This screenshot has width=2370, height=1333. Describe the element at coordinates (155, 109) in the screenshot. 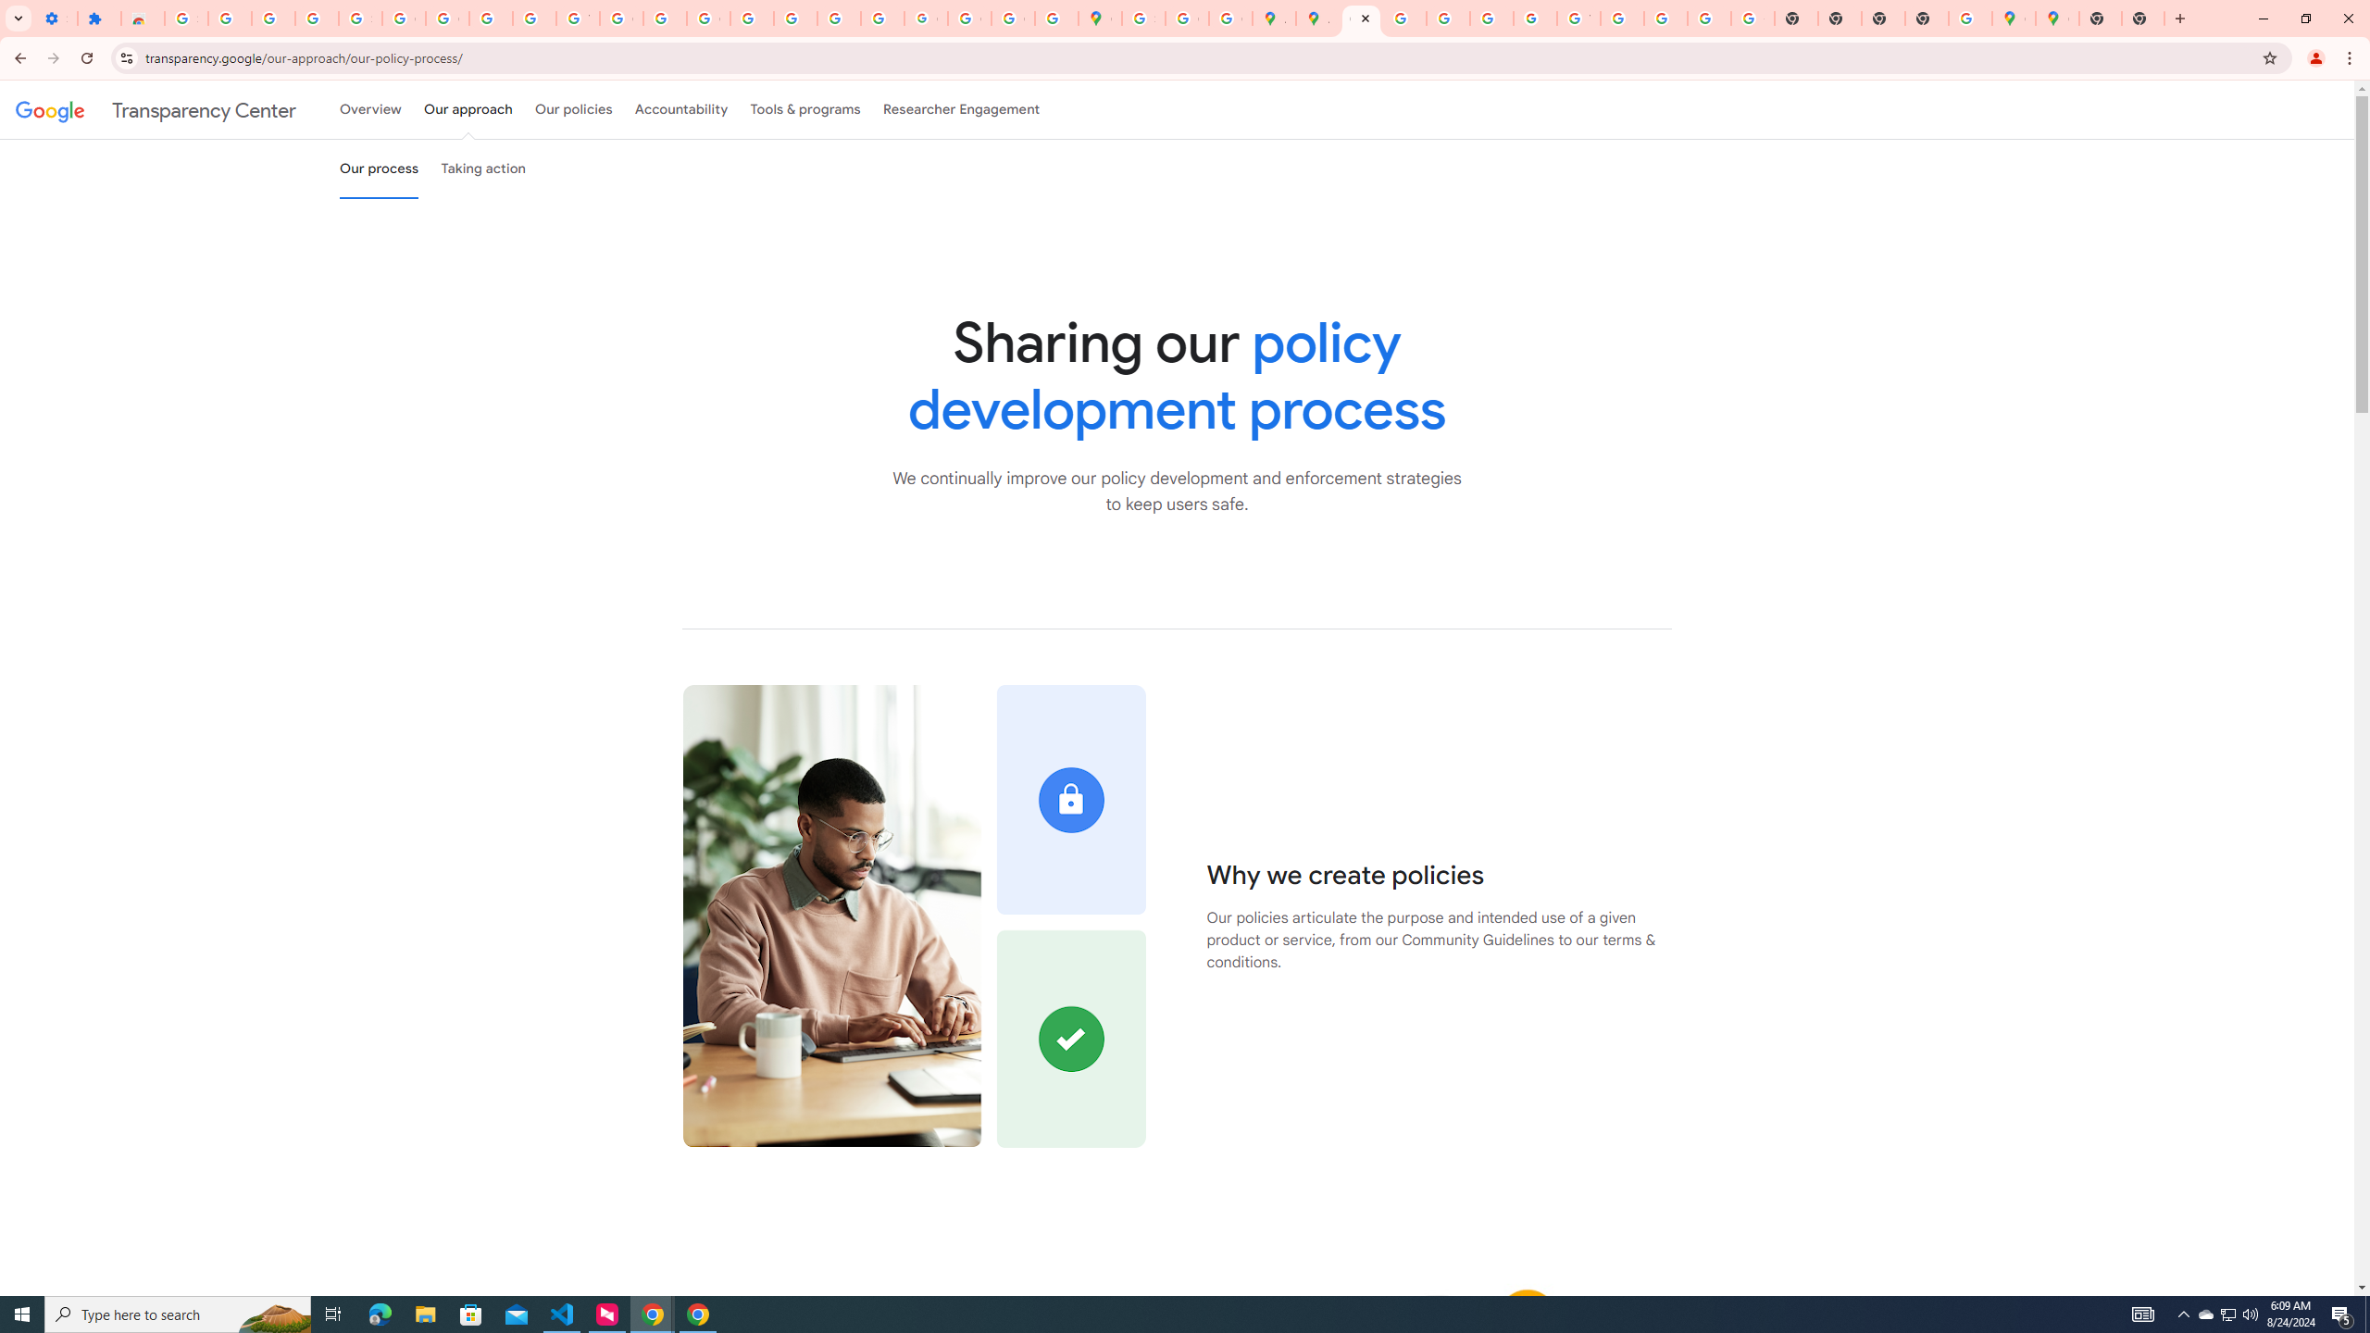

I see `'Transparency Center'` at that location.